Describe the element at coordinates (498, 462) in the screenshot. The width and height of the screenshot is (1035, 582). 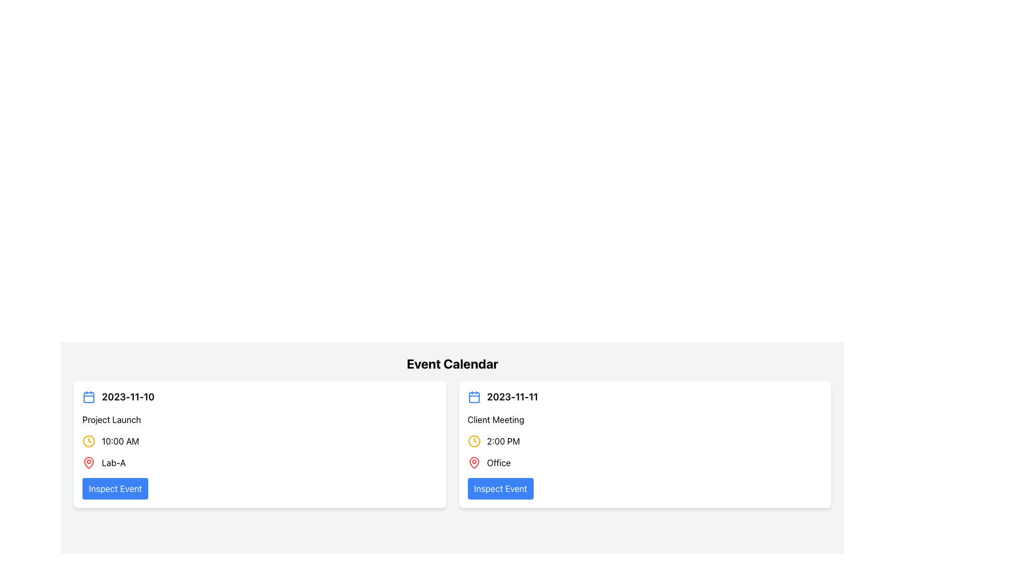
I see `the 'Office' text label located under the '2:00 PM' timestamp in the right-hand event card, which is aligned with a red location pin icon` at that location.